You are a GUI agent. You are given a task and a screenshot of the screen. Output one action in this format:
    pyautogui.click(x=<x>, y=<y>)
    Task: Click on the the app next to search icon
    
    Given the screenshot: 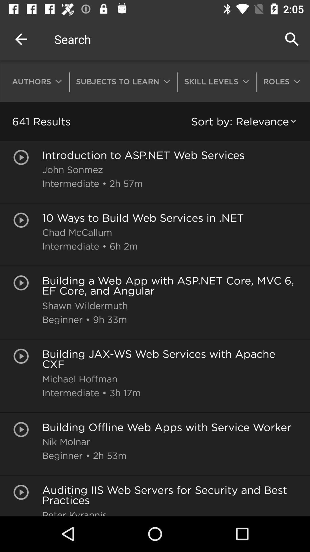 What is the action you would take?
    pyautogui.click(x=21, y=39)
    